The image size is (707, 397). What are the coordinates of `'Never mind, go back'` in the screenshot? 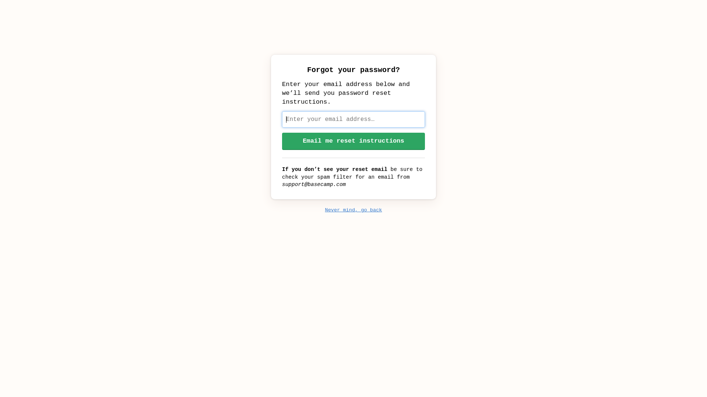 It's located at (353, 210).